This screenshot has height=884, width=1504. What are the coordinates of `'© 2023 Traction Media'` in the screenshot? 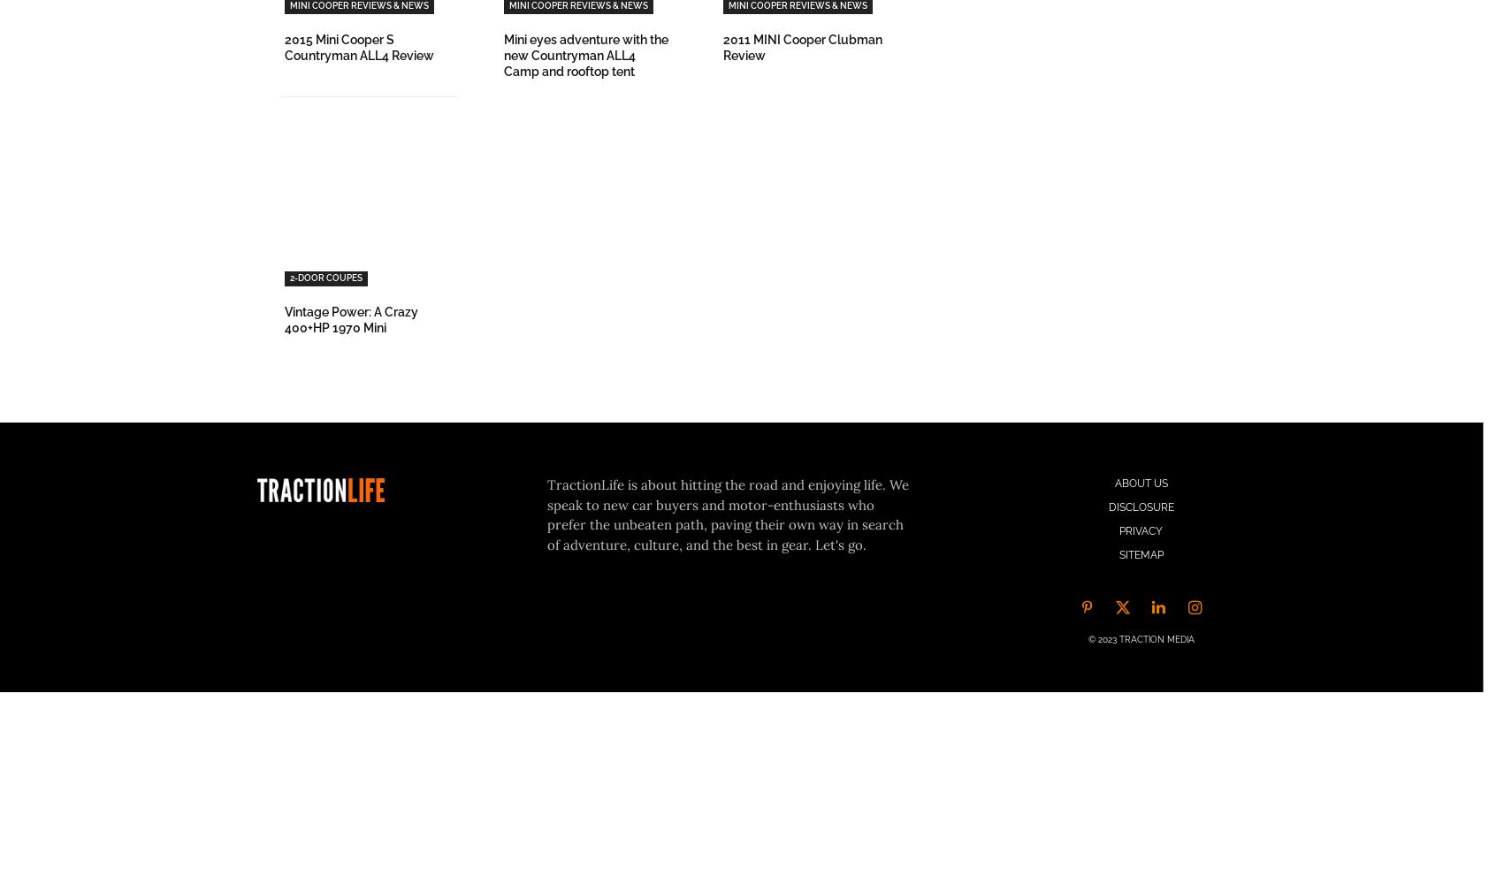 It's located at (1141, 637).